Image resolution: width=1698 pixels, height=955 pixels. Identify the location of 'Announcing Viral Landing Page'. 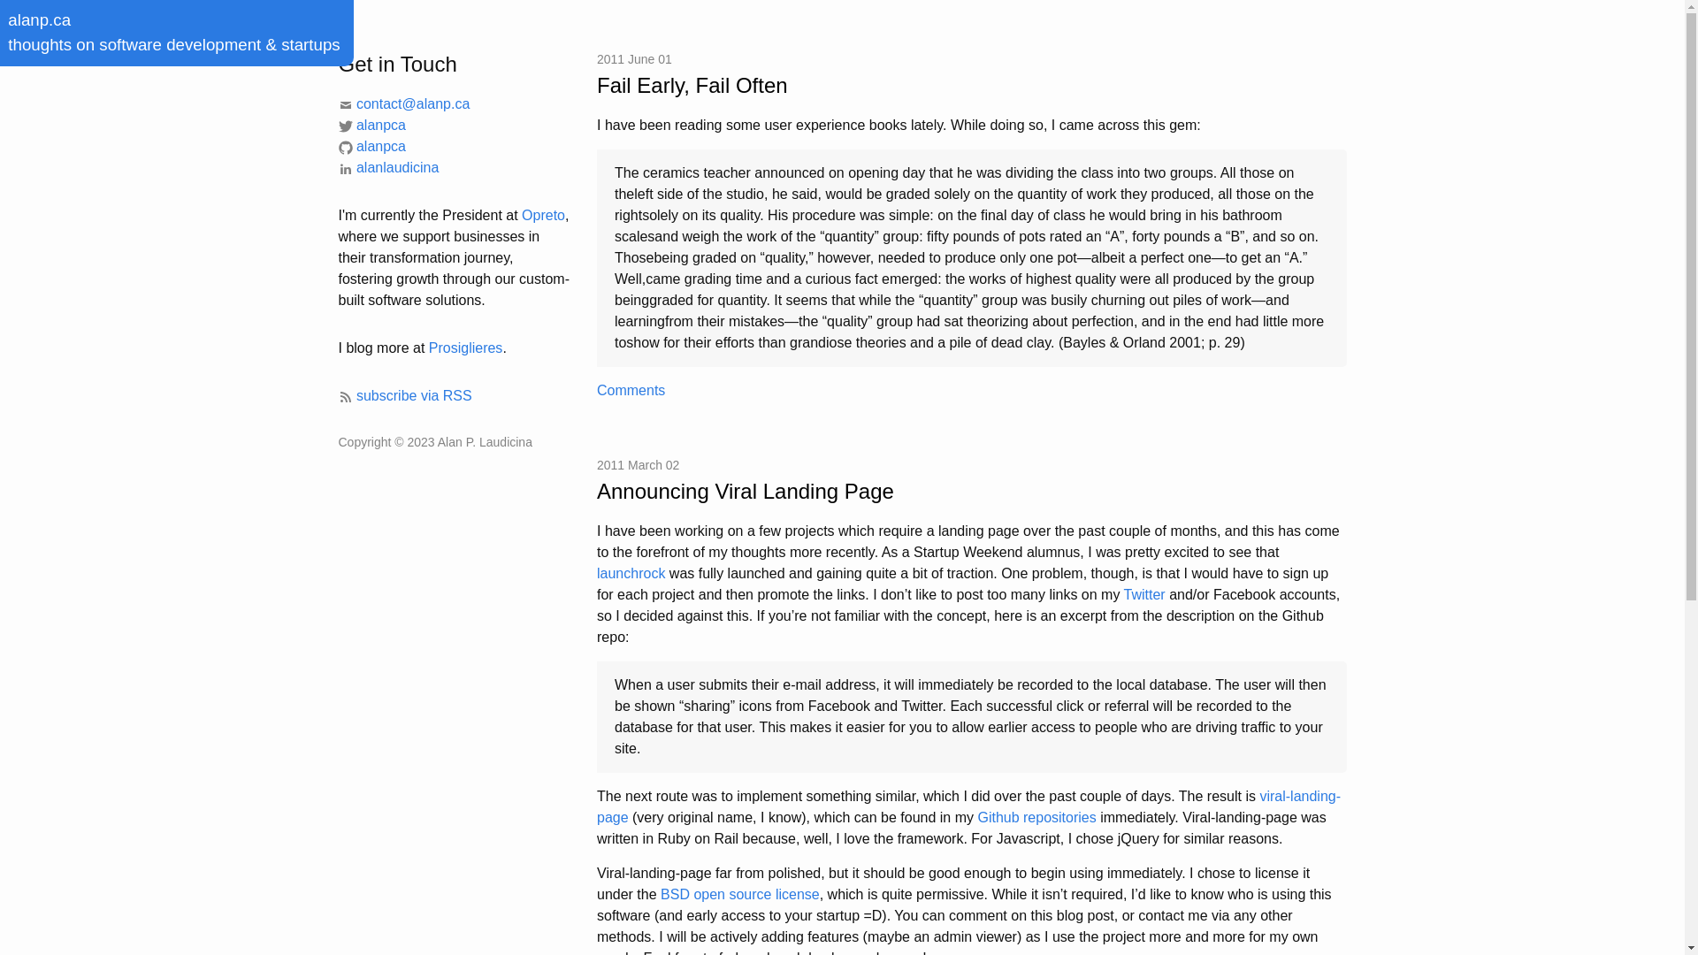
(971, 491).